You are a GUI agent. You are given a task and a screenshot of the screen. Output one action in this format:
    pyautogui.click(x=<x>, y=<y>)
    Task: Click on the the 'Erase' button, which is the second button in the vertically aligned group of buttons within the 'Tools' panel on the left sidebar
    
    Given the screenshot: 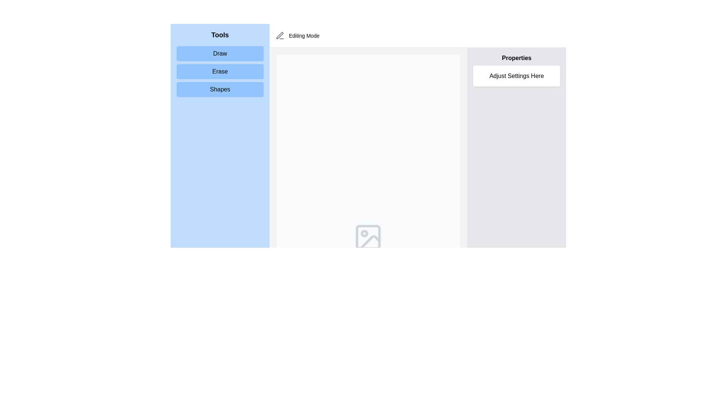 What is the action you would take?
    pyautogui.click(x=220, y=72)
    